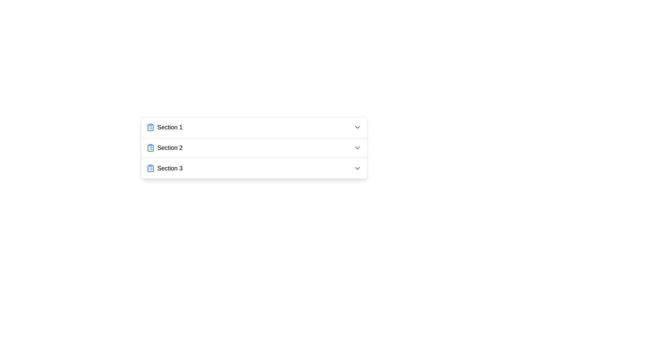  Describe the element at coordinates (164, 147) in the screenshot. I see `the labeled menu item 'Section 2' with a blue clipboard icon` at that location.